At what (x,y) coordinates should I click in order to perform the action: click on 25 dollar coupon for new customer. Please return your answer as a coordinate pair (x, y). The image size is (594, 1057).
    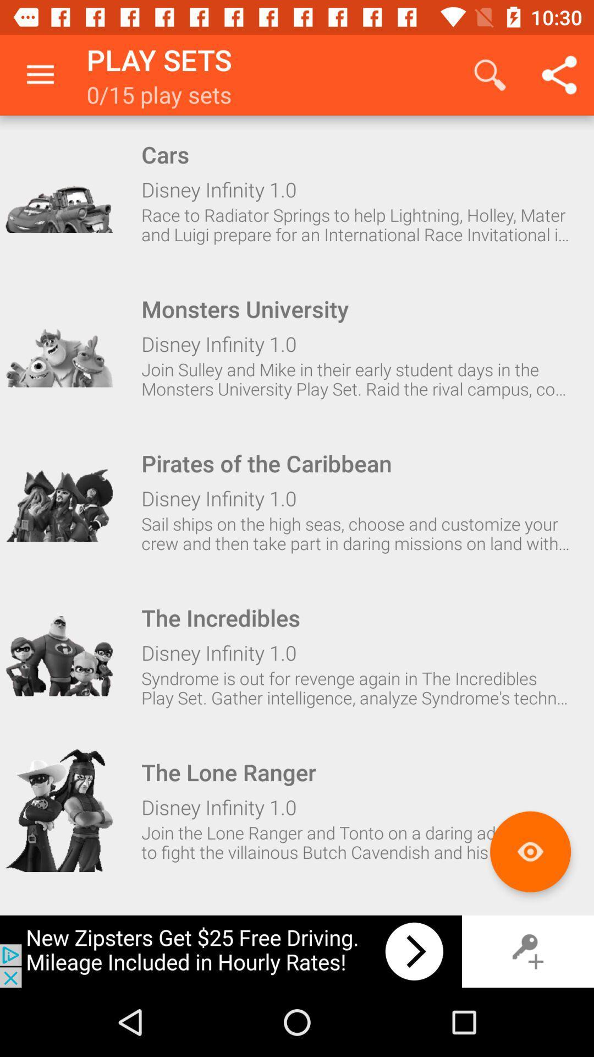
    Looking at the image, I should click on (230, 951).